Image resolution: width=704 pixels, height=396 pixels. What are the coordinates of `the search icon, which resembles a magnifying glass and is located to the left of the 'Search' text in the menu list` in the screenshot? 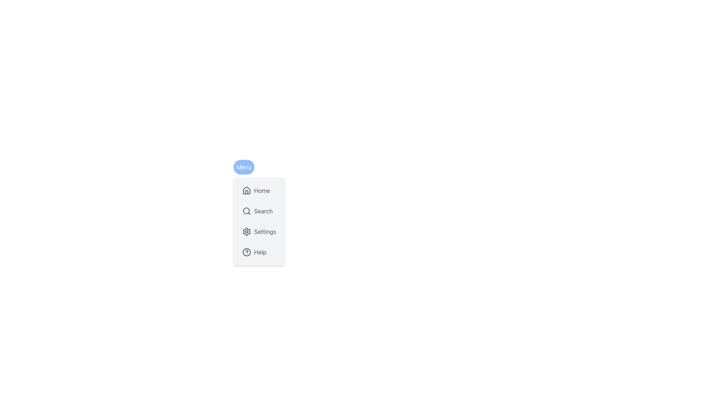 It's located at (247, 211).